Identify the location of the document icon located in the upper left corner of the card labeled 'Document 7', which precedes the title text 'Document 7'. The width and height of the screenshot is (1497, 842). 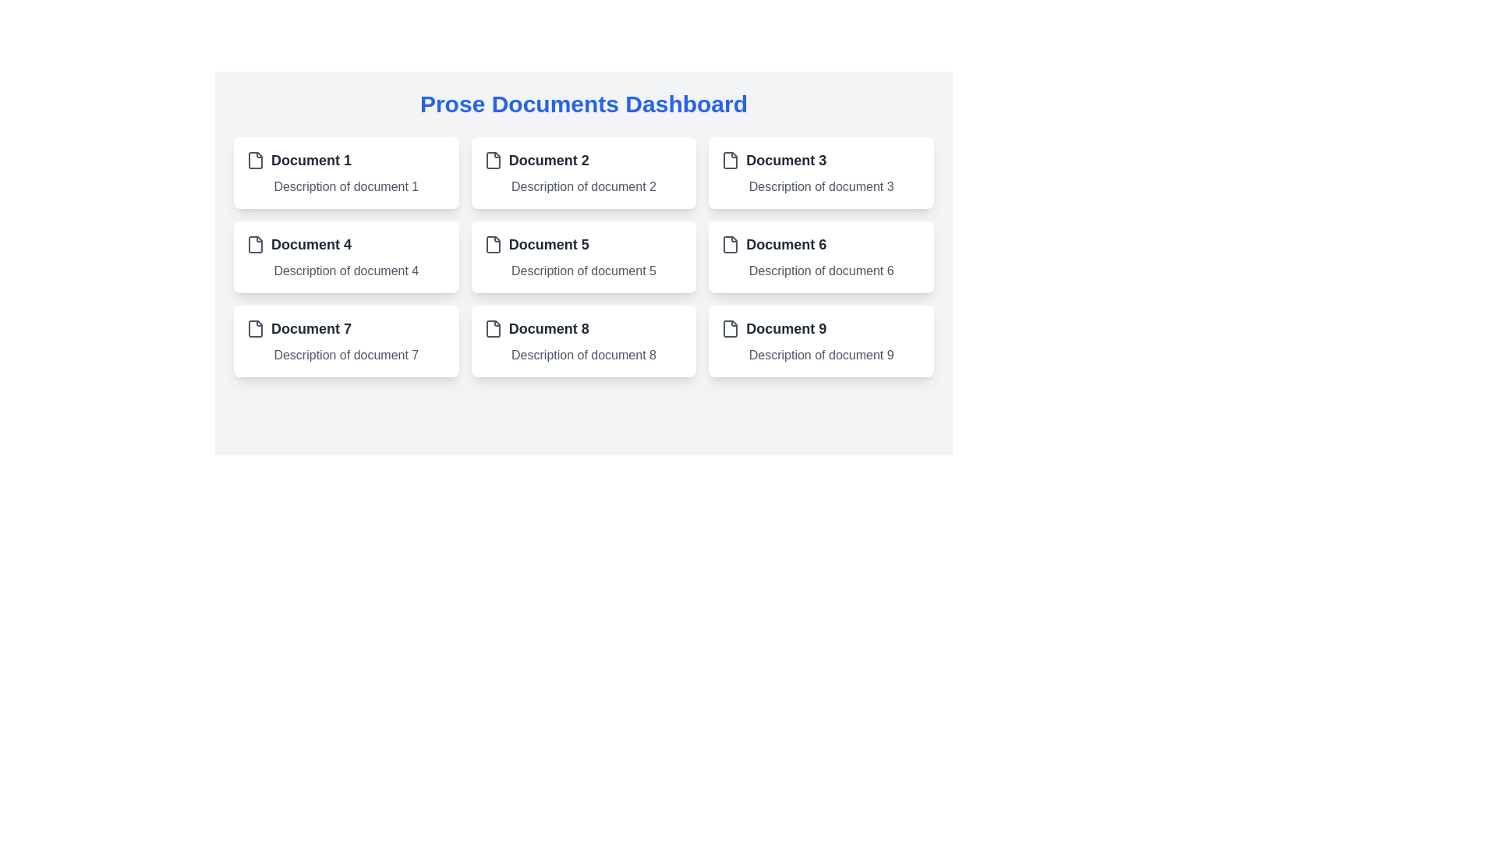
(255, 327).